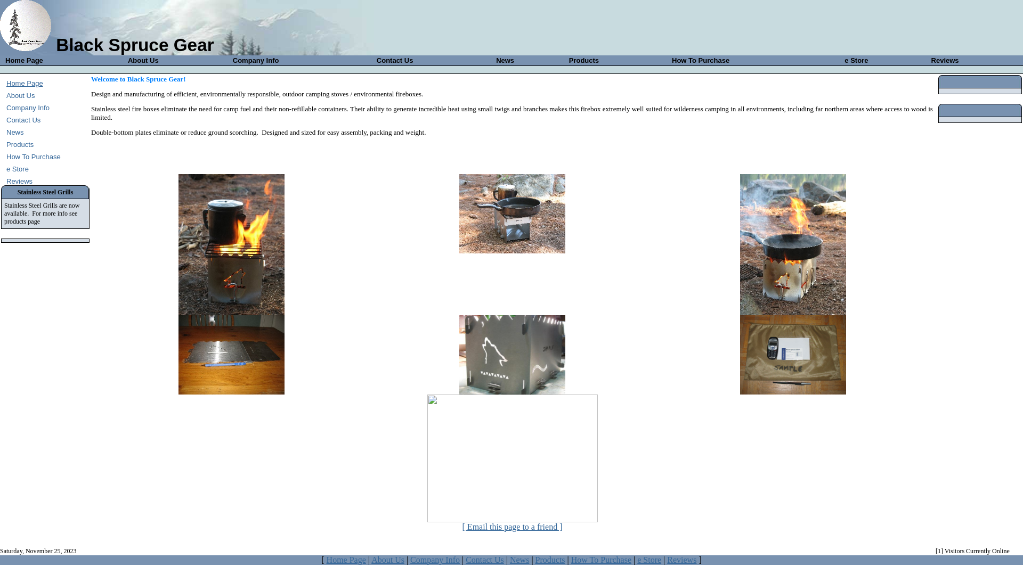 The image size is (1023, 575). Describe the element at coordinates (20, 95) in the screenshot. I see `'About Us'` at that location.